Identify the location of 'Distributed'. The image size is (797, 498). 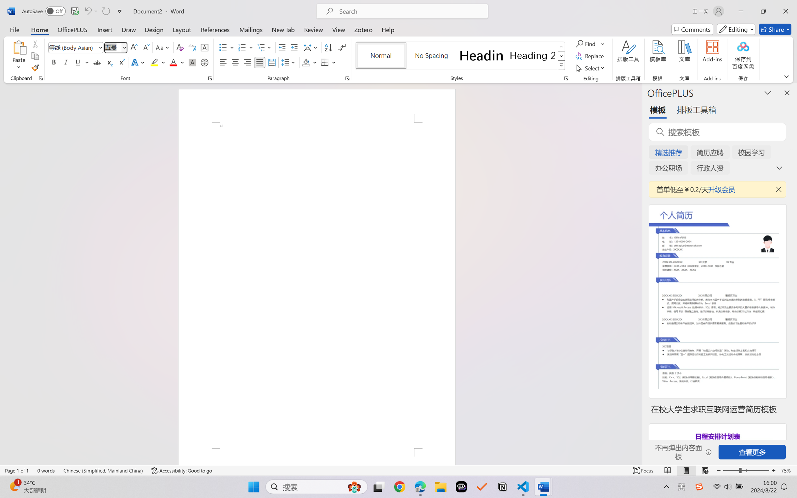
(271, 62).